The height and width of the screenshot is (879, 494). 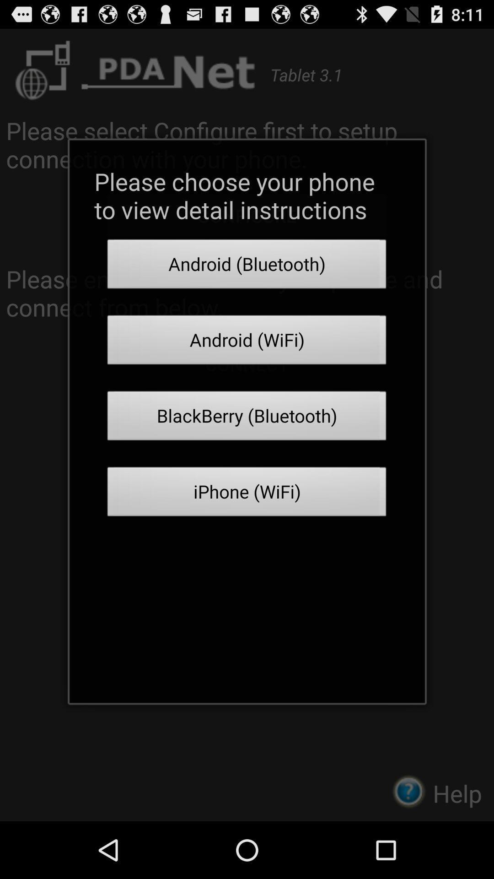 I want to click on the icon below please choose your app, so click(x=247, y=266).